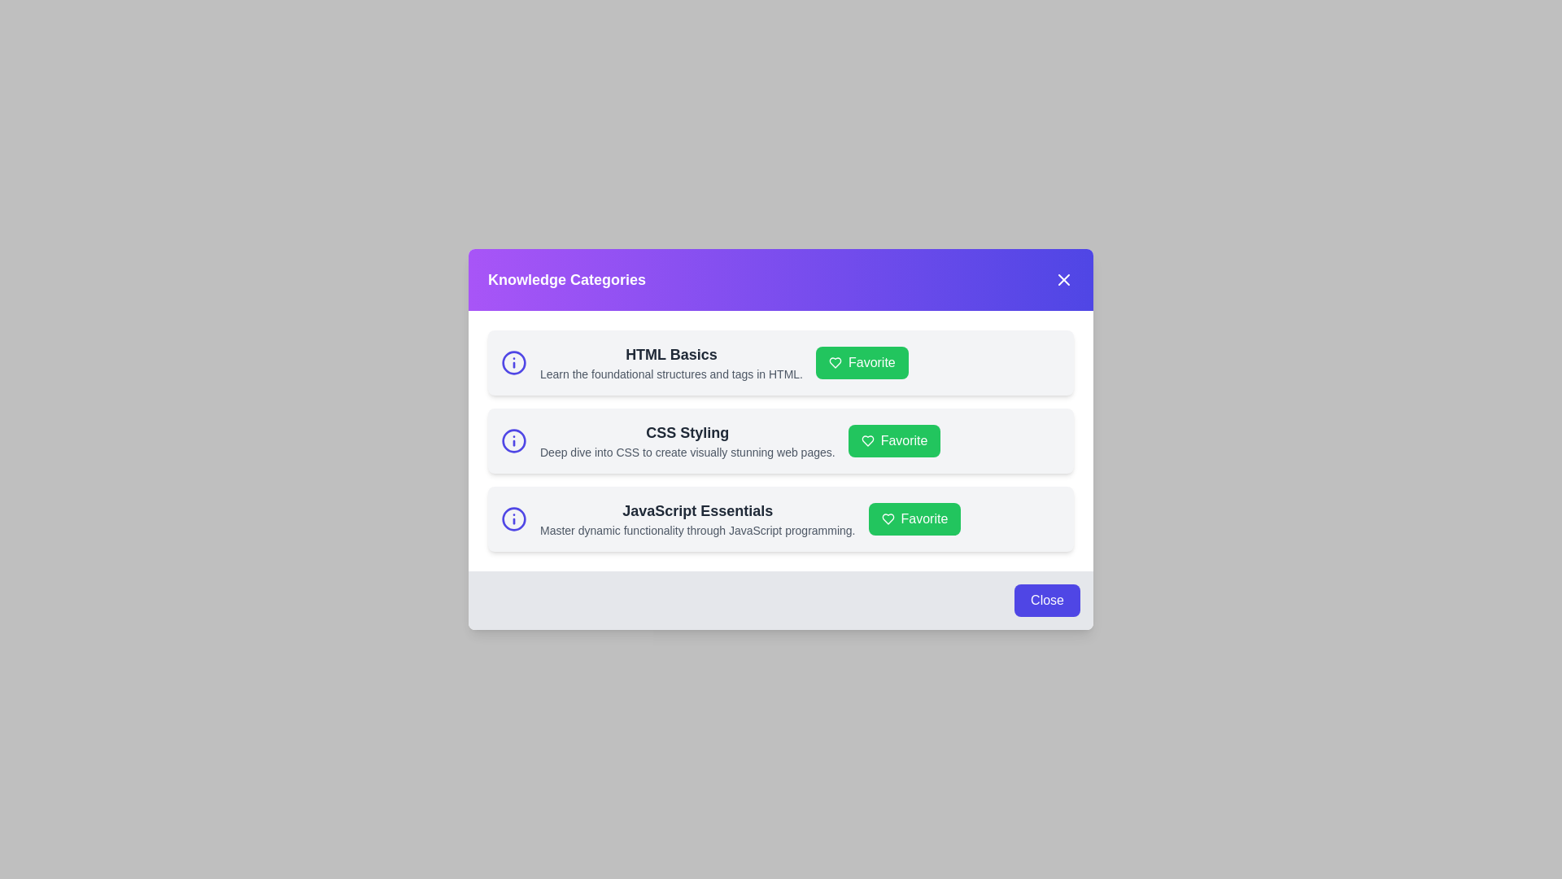 This screenshot has width=1562, height=879. I want to click on the 'Favorite' icon located next to the 'Favorite' text in the category list on the right side, so click(887, 518).